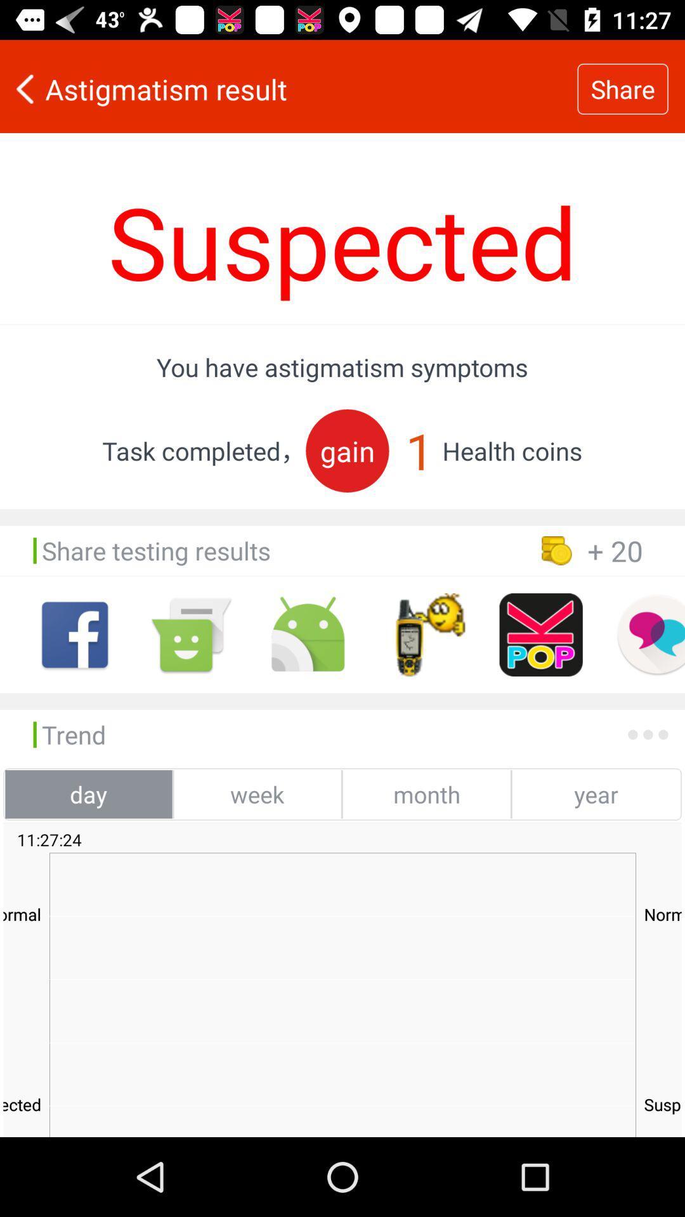  Describe the element at coordinates (650, 634) in the screenshot. I see `the chat icon` at that location.